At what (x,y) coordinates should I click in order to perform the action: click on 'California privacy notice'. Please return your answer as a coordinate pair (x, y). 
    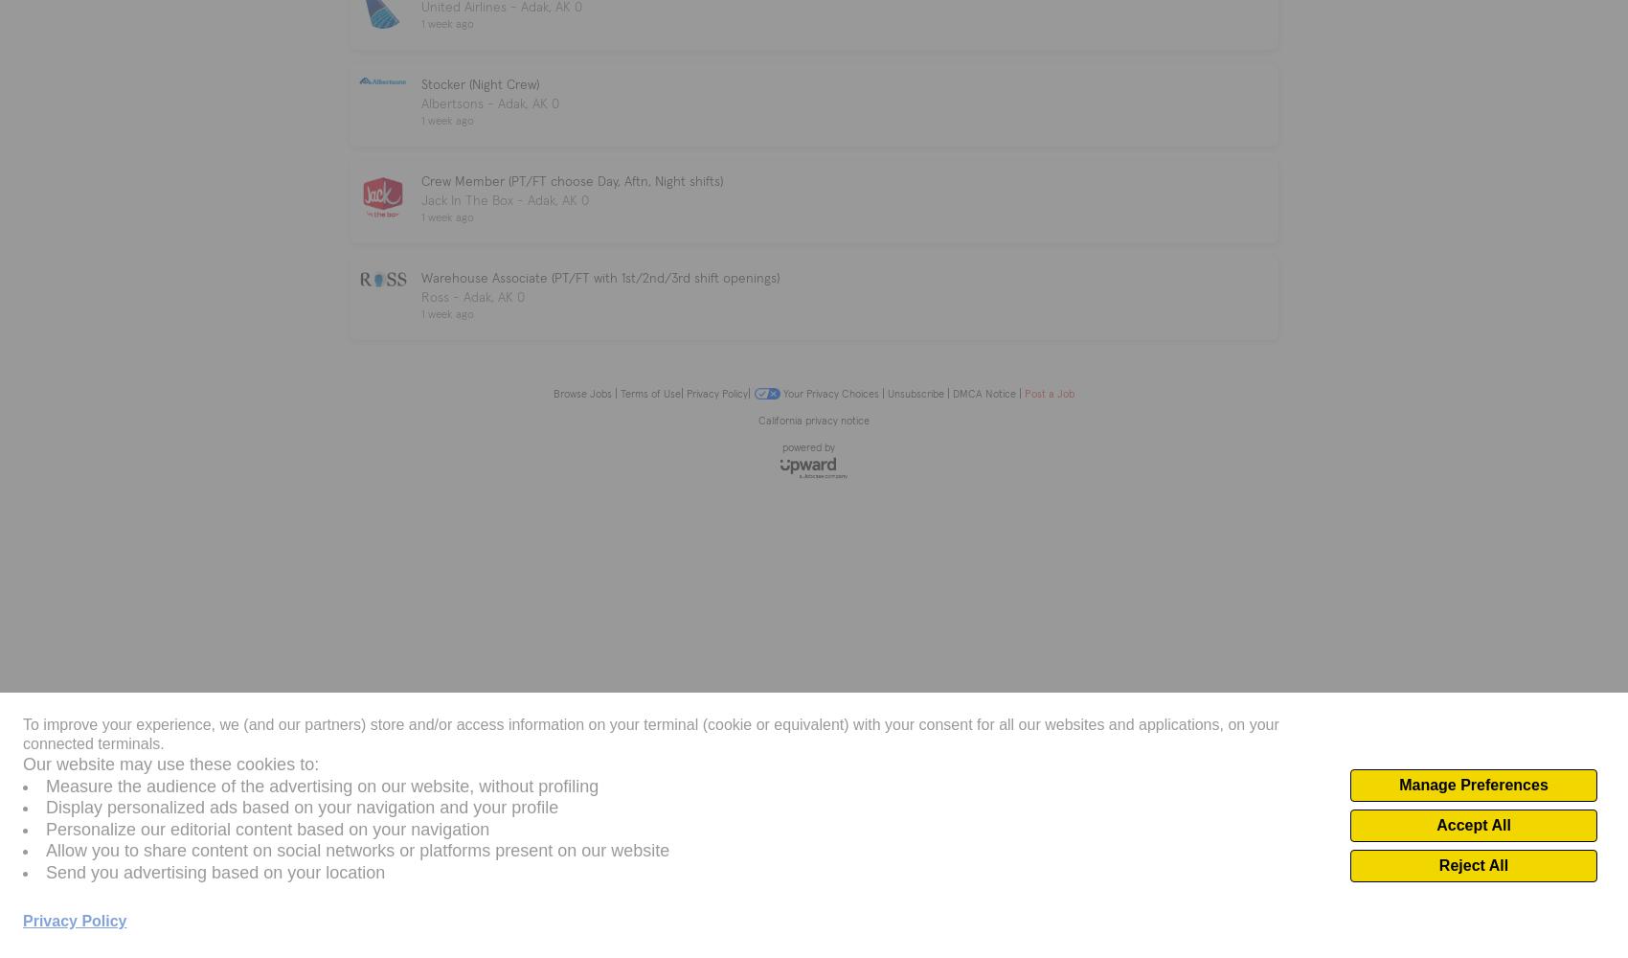
    Looking at the image, I should click on (814, 420).